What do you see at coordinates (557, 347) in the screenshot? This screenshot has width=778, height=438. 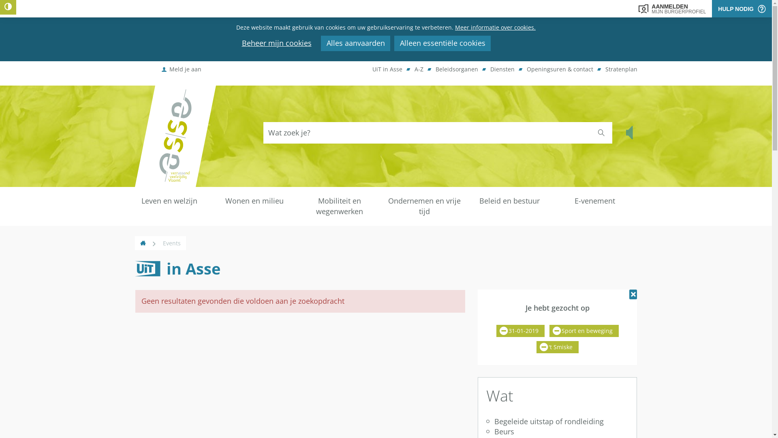 I see `''t Smiske'` at bounding box center [557, 347].